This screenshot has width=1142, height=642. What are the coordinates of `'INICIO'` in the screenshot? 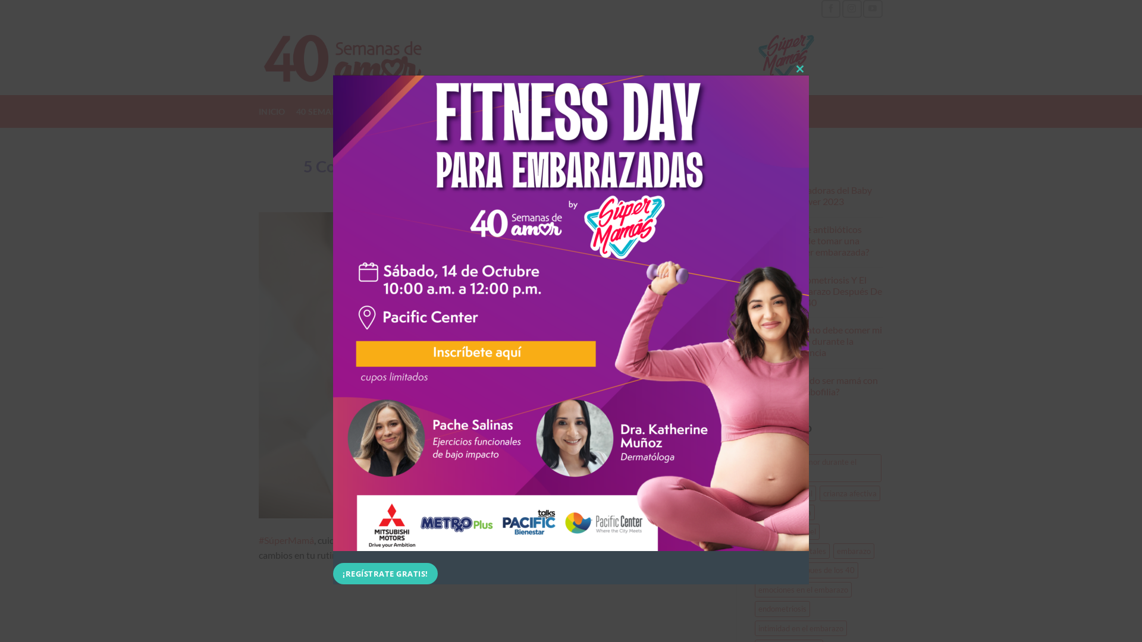 It's located at (271, 112).